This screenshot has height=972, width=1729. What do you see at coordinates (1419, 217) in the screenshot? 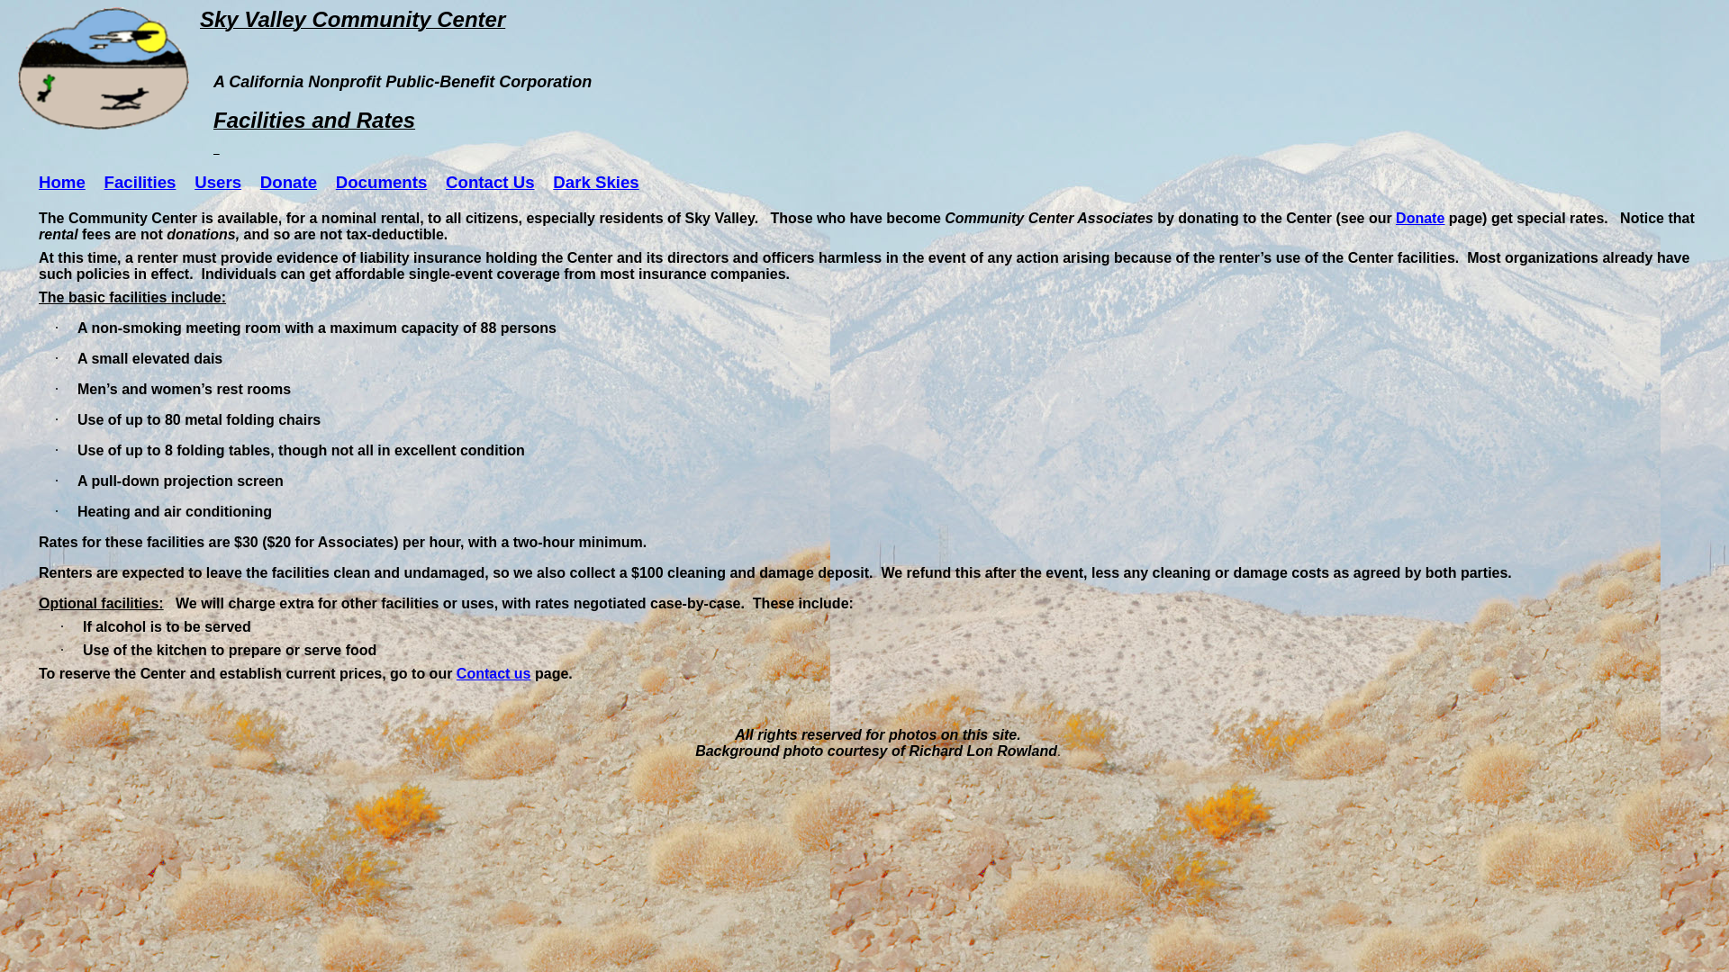
I see `'Donate'` at bounding box center [1419, 217].